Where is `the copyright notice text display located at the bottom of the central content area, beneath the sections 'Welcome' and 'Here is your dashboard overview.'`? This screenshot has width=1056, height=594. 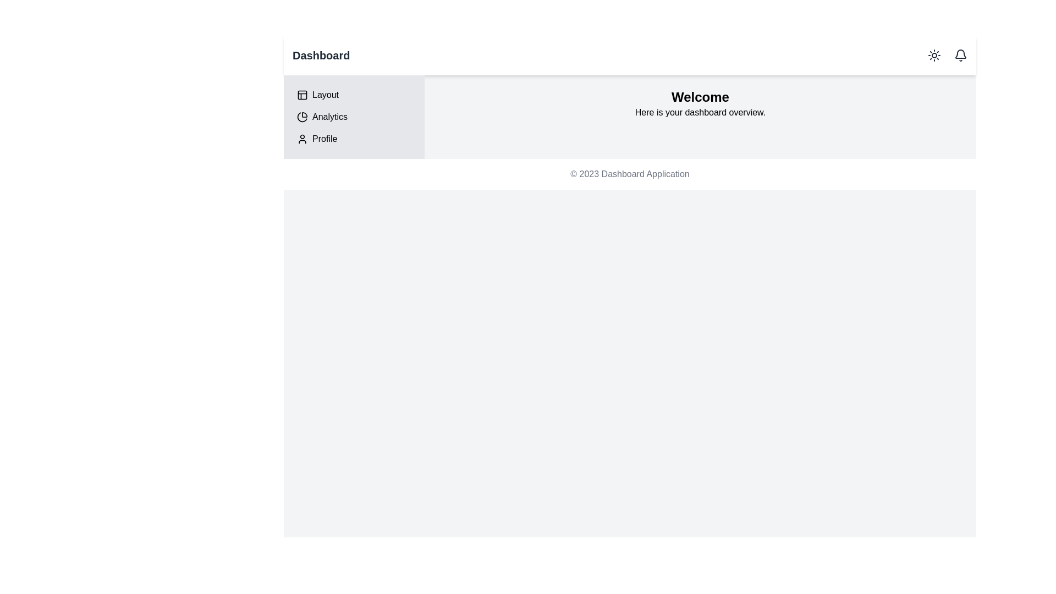
the copyright notice text display located at the bottom of the central content area, beneath the sections 'Welcome' and 'Here is your dashboard overview.' is located at coordinates (630, 173).